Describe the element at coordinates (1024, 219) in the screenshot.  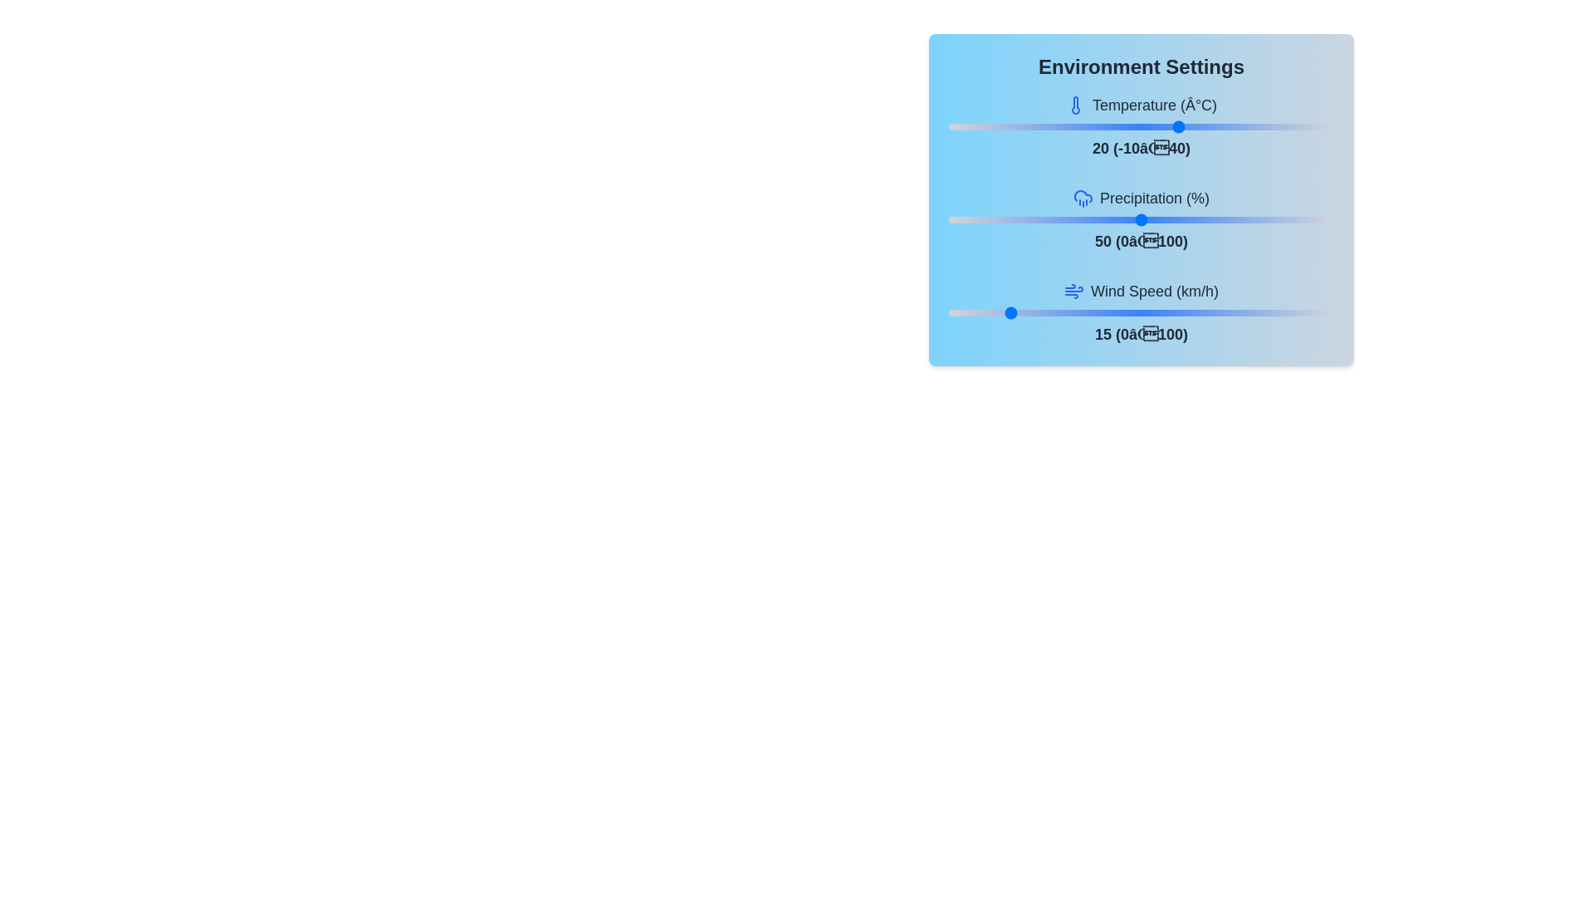
I see `the precipitation level` at that location.